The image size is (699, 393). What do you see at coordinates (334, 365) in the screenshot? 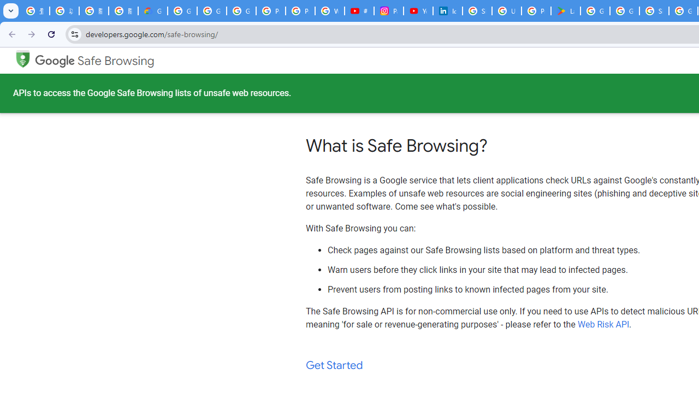
I see `'Get Started'` at bounding box center [334, 365].